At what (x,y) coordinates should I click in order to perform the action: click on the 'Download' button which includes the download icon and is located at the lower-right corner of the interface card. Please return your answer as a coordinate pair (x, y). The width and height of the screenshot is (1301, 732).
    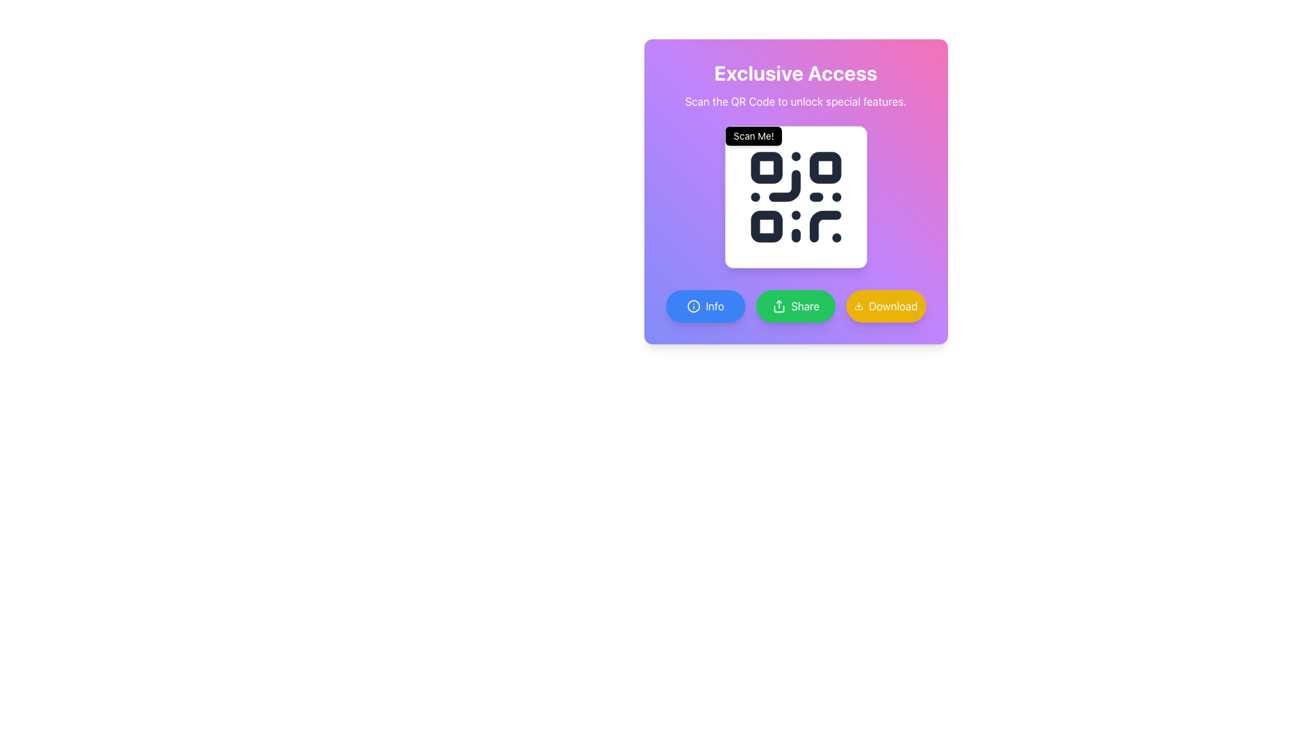
    Looking at the image, I should click on (858, 306).